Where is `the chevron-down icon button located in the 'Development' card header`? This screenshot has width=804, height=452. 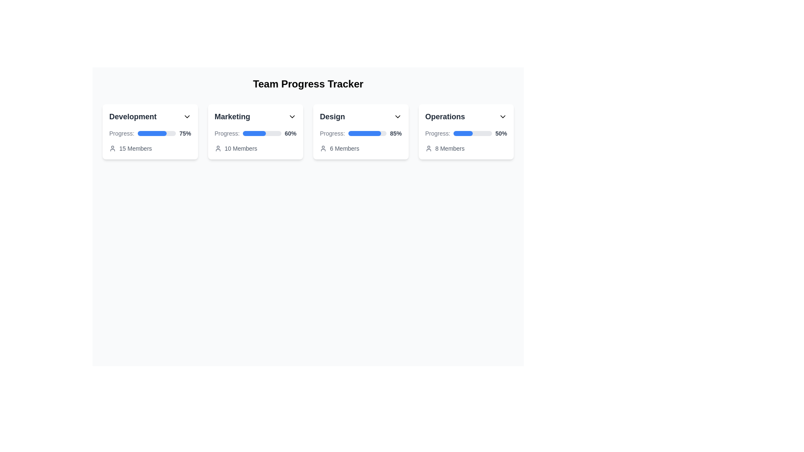
the chevron-down icon button located in the 'Development' card header is located at coordinates (186, 116).